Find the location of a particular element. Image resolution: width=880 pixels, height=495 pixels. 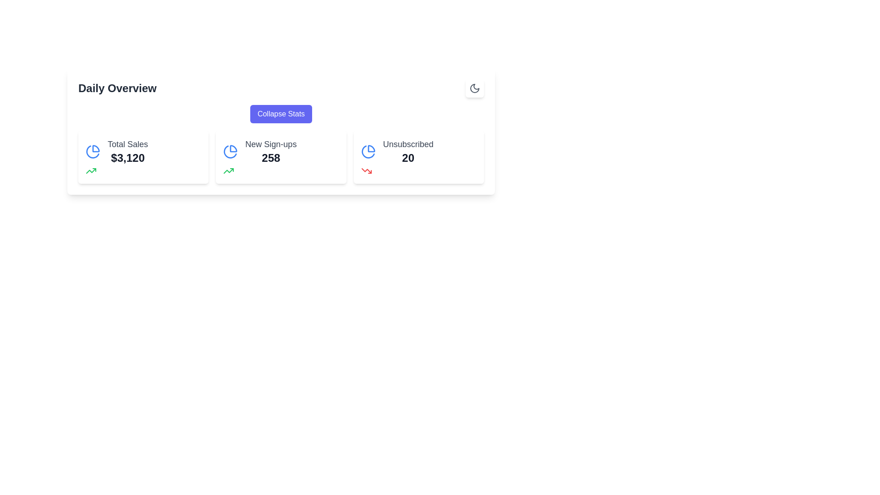

the 'New Sign-ups' text label, which displays the text in gray color and signifies a header for additional information is located at coordinates (270, 144).